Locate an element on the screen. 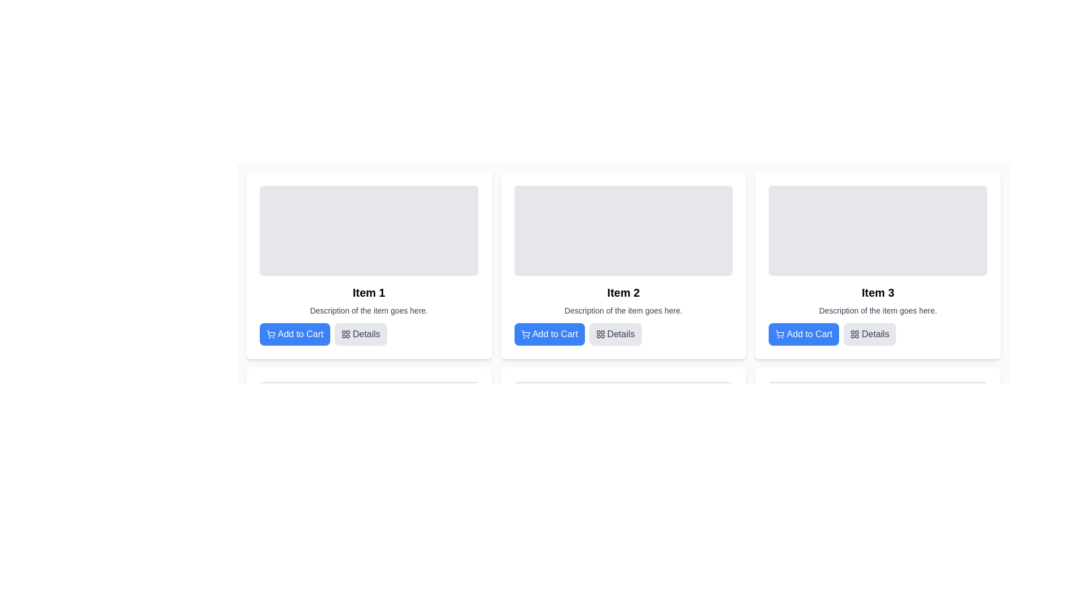 The width and height of the screenshot is (1082, 608). the button labeled 'Details' which has a light gray background and dark gray text, positioned to the right of the 'Add to Cart' button in the UI is located at coordinates (869, 334).